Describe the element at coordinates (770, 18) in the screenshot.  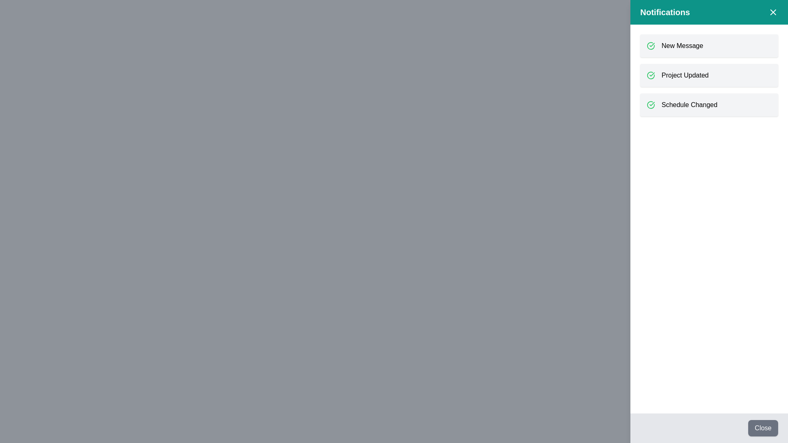
I see `the circular close button with a teal background and white 'X' icon located in the top-right corner of the notifications panel` at that location.